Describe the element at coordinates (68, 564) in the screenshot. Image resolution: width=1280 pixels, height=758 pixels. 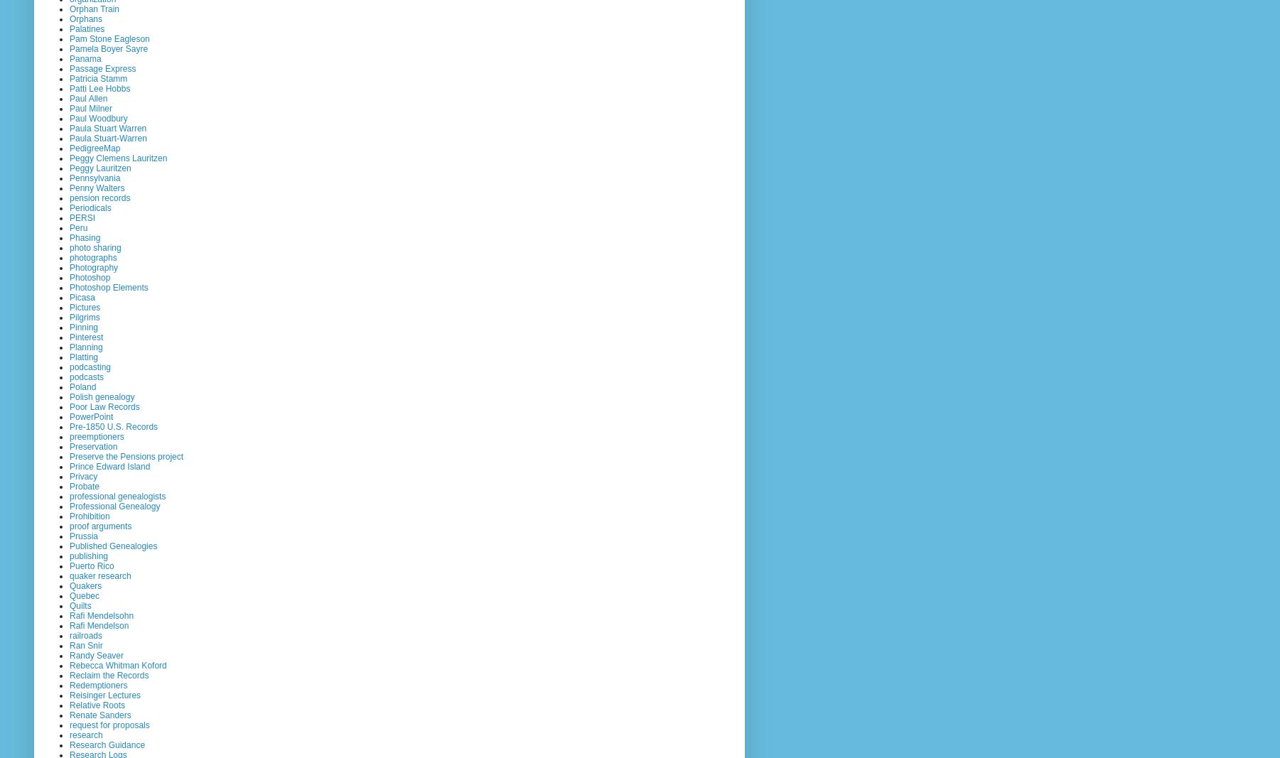
I see `'Puerto Rico'` at that location.